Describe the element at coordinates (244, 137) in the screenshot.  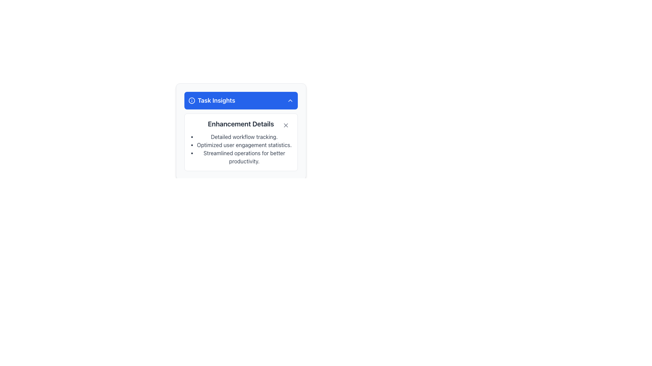
I see `the first bullet point in the 'Enhancement Details' list, which is informational and provides a feature or benefit` at that location.